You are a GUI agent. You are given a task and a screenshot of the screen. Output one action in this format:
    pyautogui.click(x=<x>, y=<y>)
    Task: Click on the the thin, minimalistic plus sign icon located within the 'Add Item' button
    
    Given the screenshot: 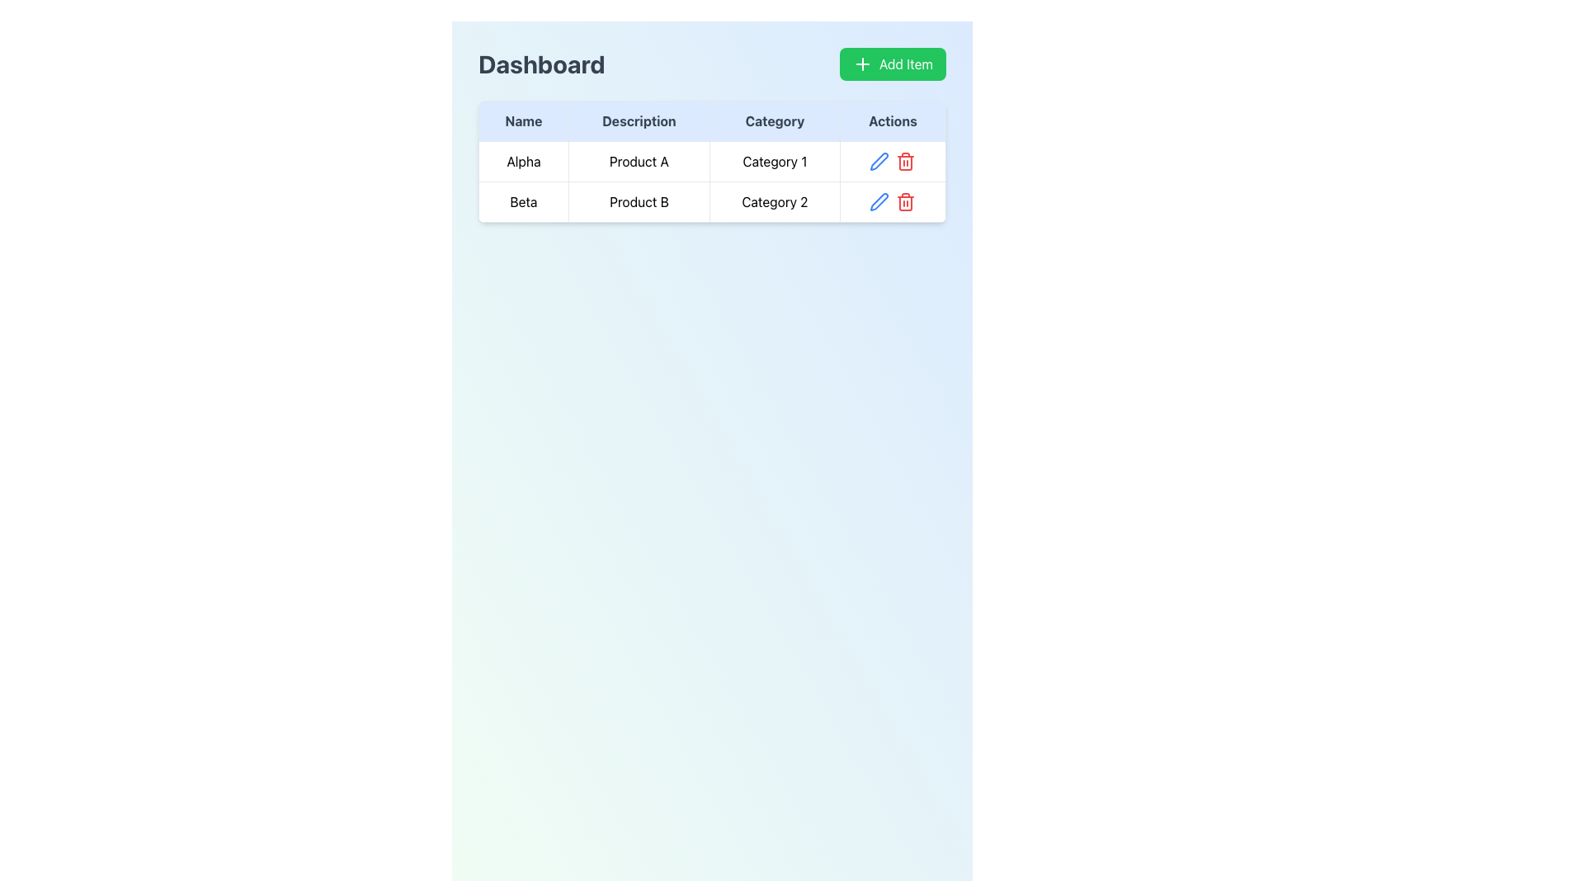 What is the action you would take?
    pyautogui.click(x=862, y=63)
    